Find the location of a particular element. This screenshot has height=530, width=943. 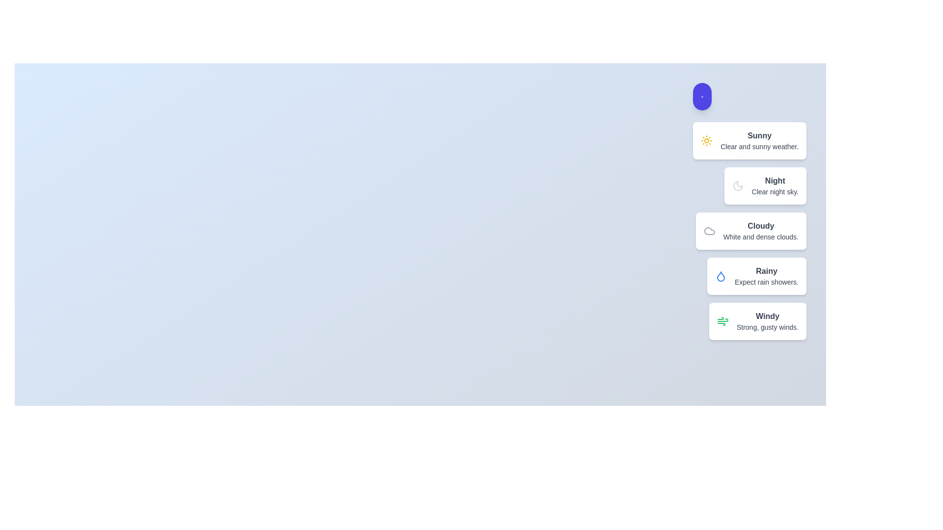

the description of the weather condition labeled Rainy is located at coordinates (766, 271).